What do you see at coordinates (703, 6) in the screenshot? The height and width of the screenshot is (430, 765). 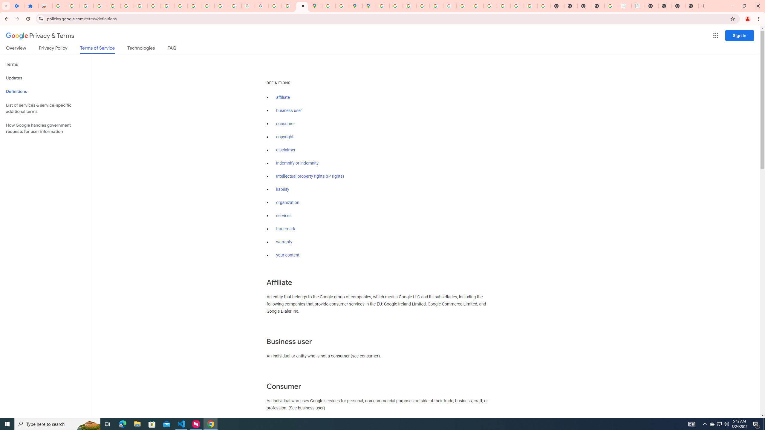 I see `'New Tab'` at bounding box center [703, 6].